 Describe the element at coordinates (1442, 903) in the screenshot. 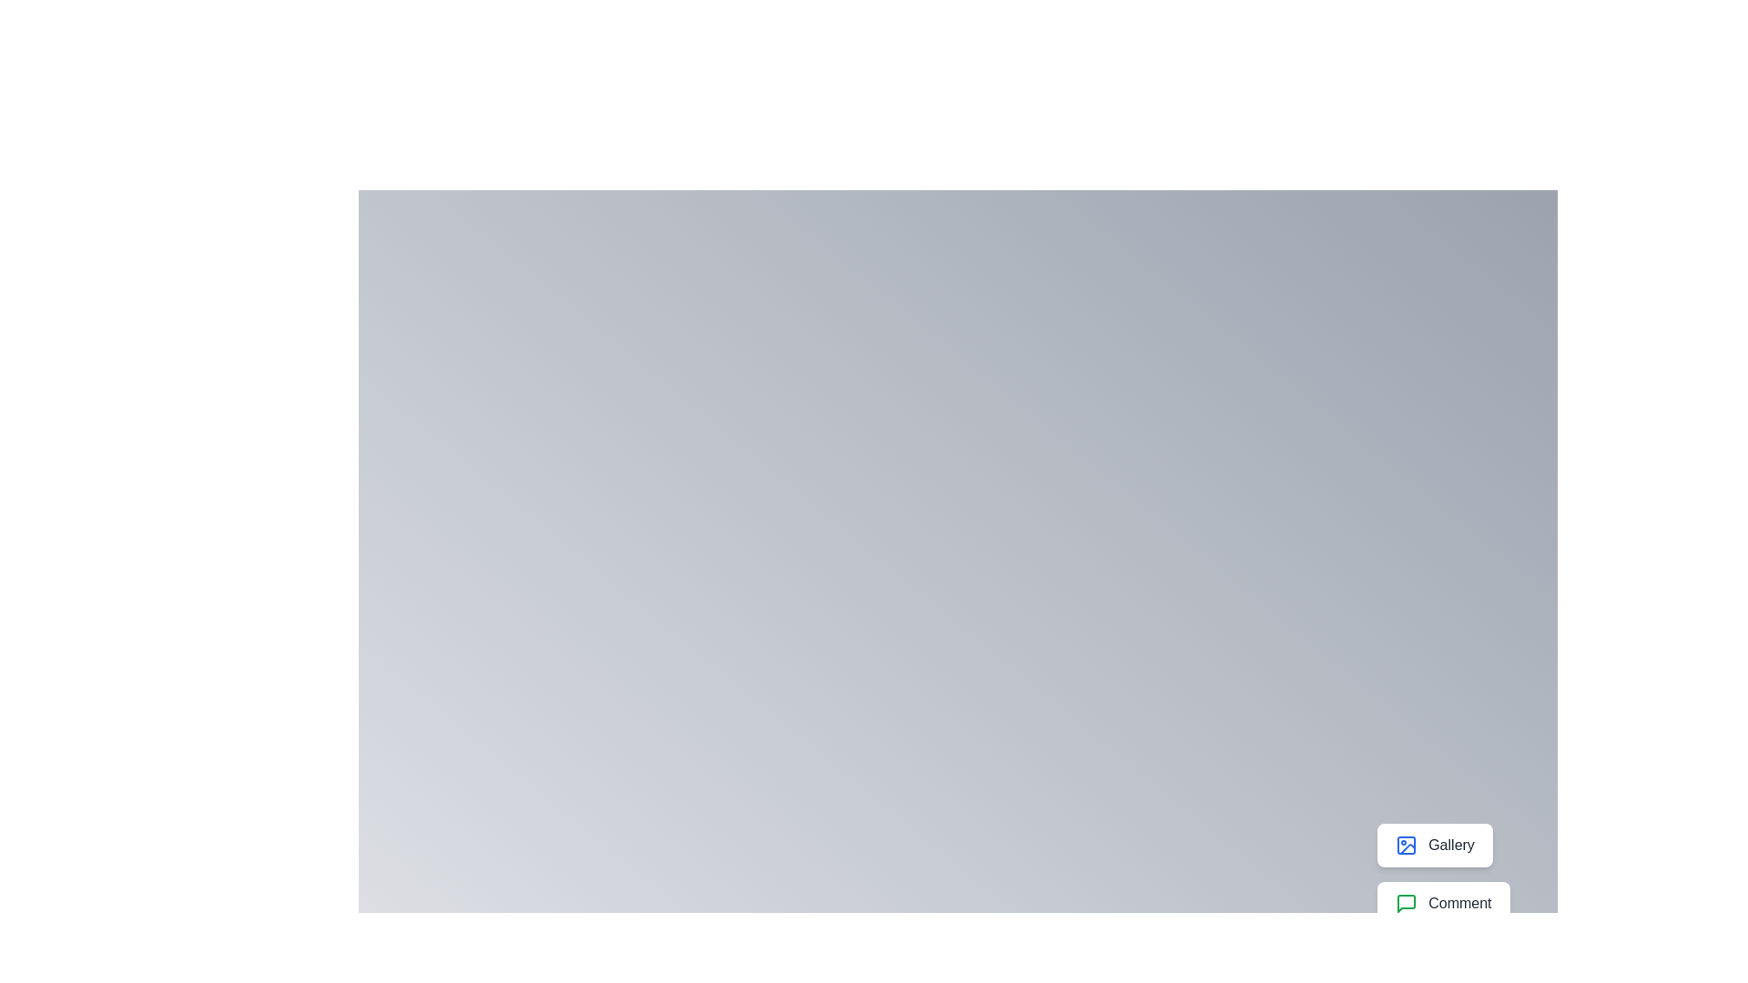

I see `the 'Comment' button` at that location.